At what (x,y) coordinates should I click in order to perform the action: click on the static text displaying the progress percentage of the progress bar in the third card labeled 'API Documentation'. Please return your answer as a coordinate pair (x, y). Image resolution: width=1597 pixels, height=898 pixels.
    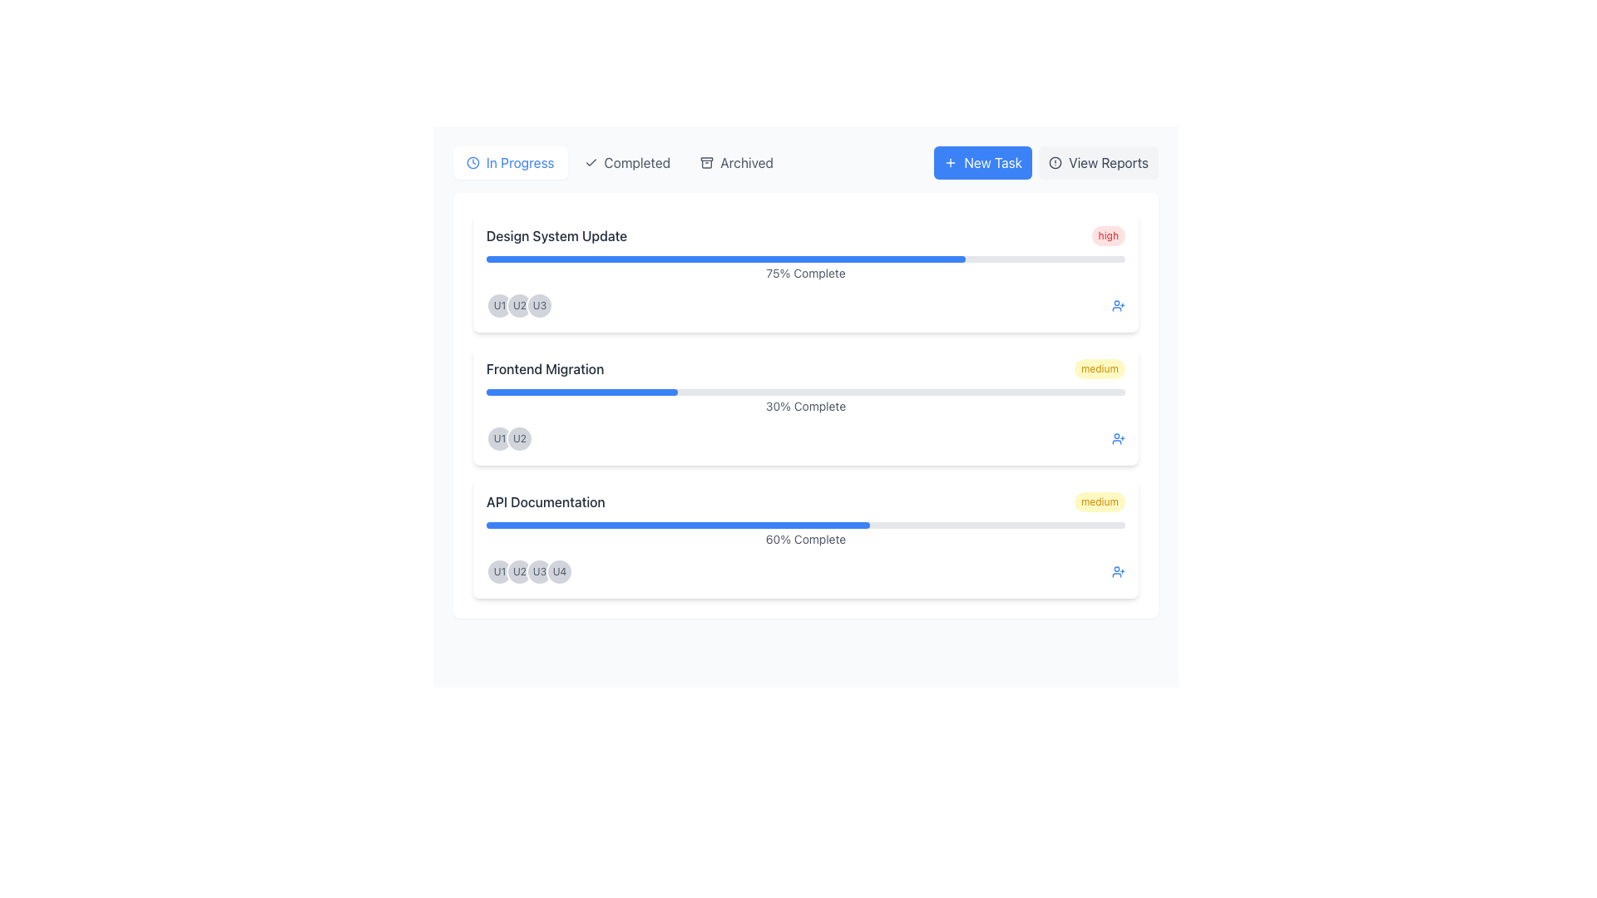
    Looking at the image, I should click on (806, 539).